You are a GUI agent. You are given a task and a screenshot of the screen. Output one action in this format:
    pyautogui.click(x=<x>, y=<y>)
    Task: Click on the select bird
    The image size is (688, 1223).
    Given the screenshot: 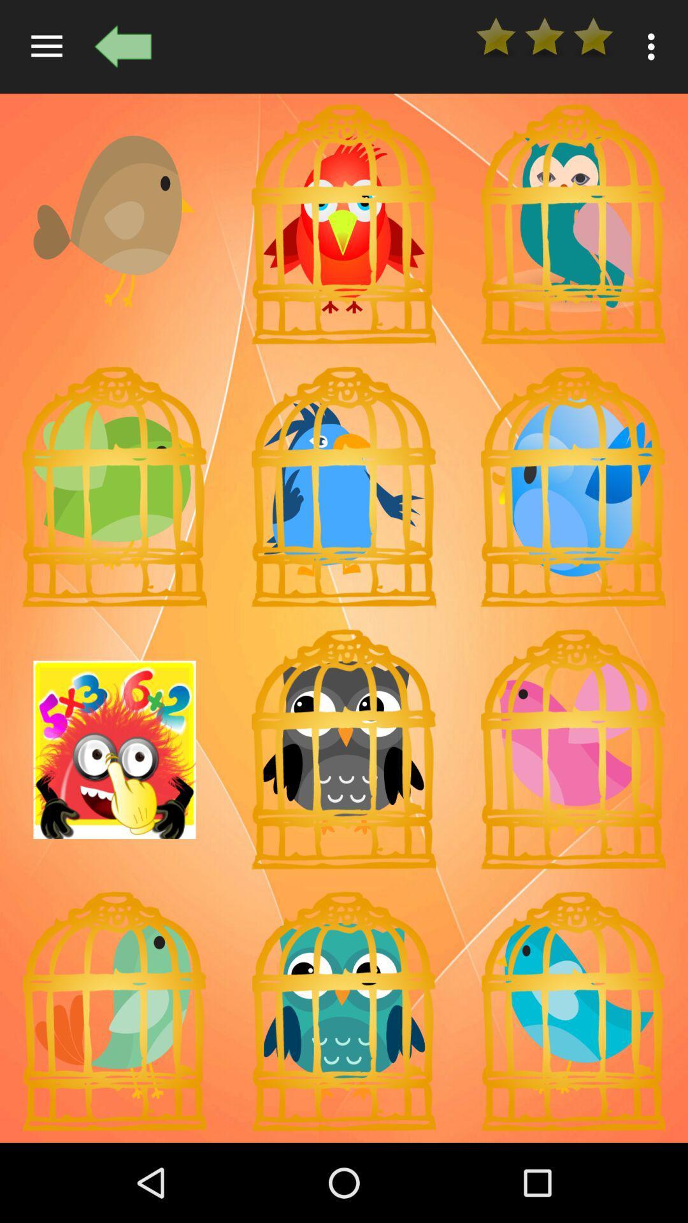 What is the action you would take?
    pyautogui.click(x=572, y=224)
    